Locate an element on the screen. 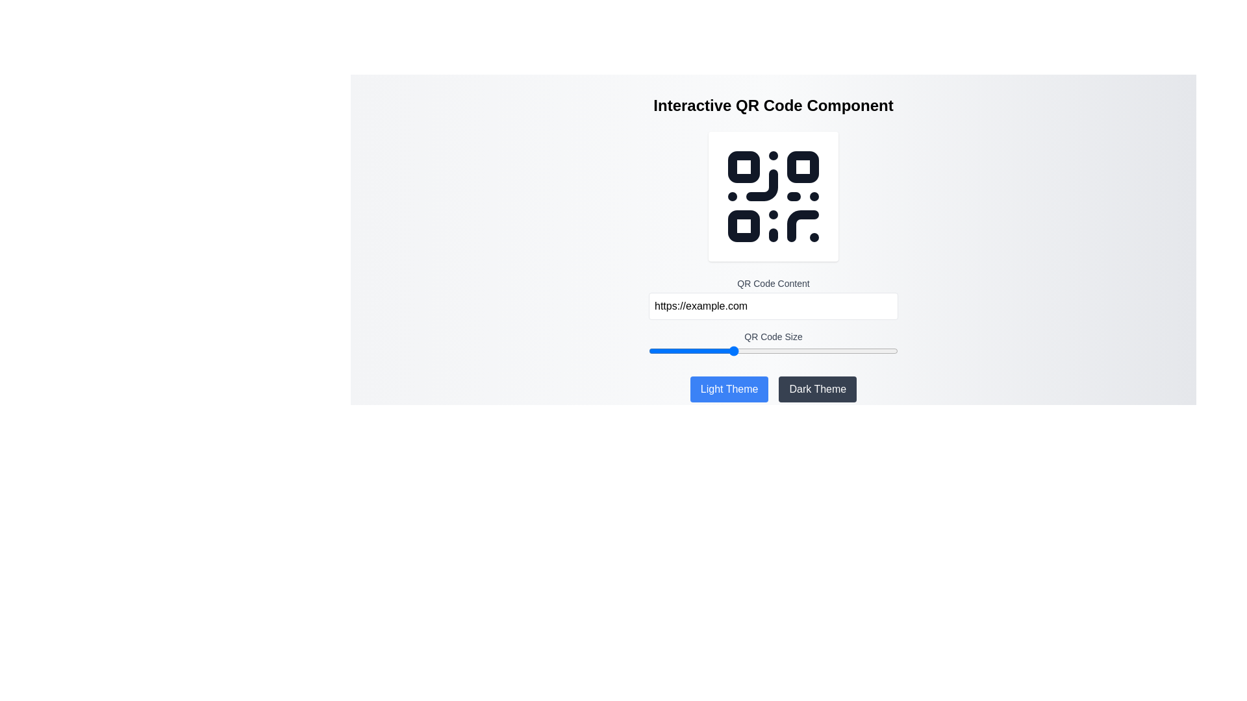 Image resolution: width=1247 pixels, height=701 pixels. the QR Code size is located at coordinates (740, 350).